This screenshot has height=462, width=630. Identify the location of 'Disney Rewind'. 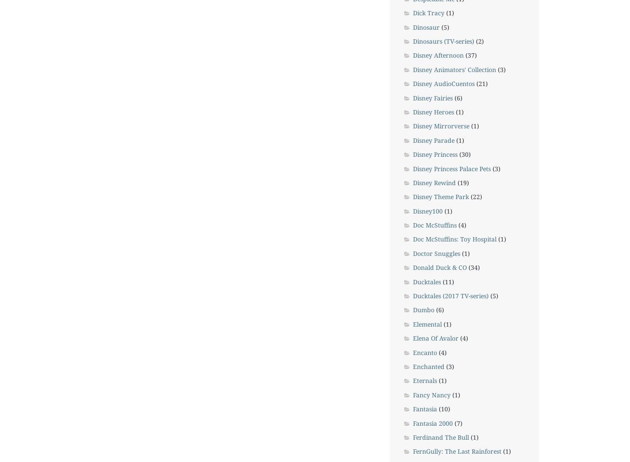
(434, 182).